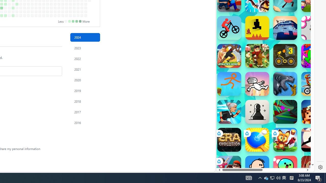 Image resolution: width=326 pixels, height=183 pixels. I want to click on 'No contributions on December 12th.', so click(78, 8).